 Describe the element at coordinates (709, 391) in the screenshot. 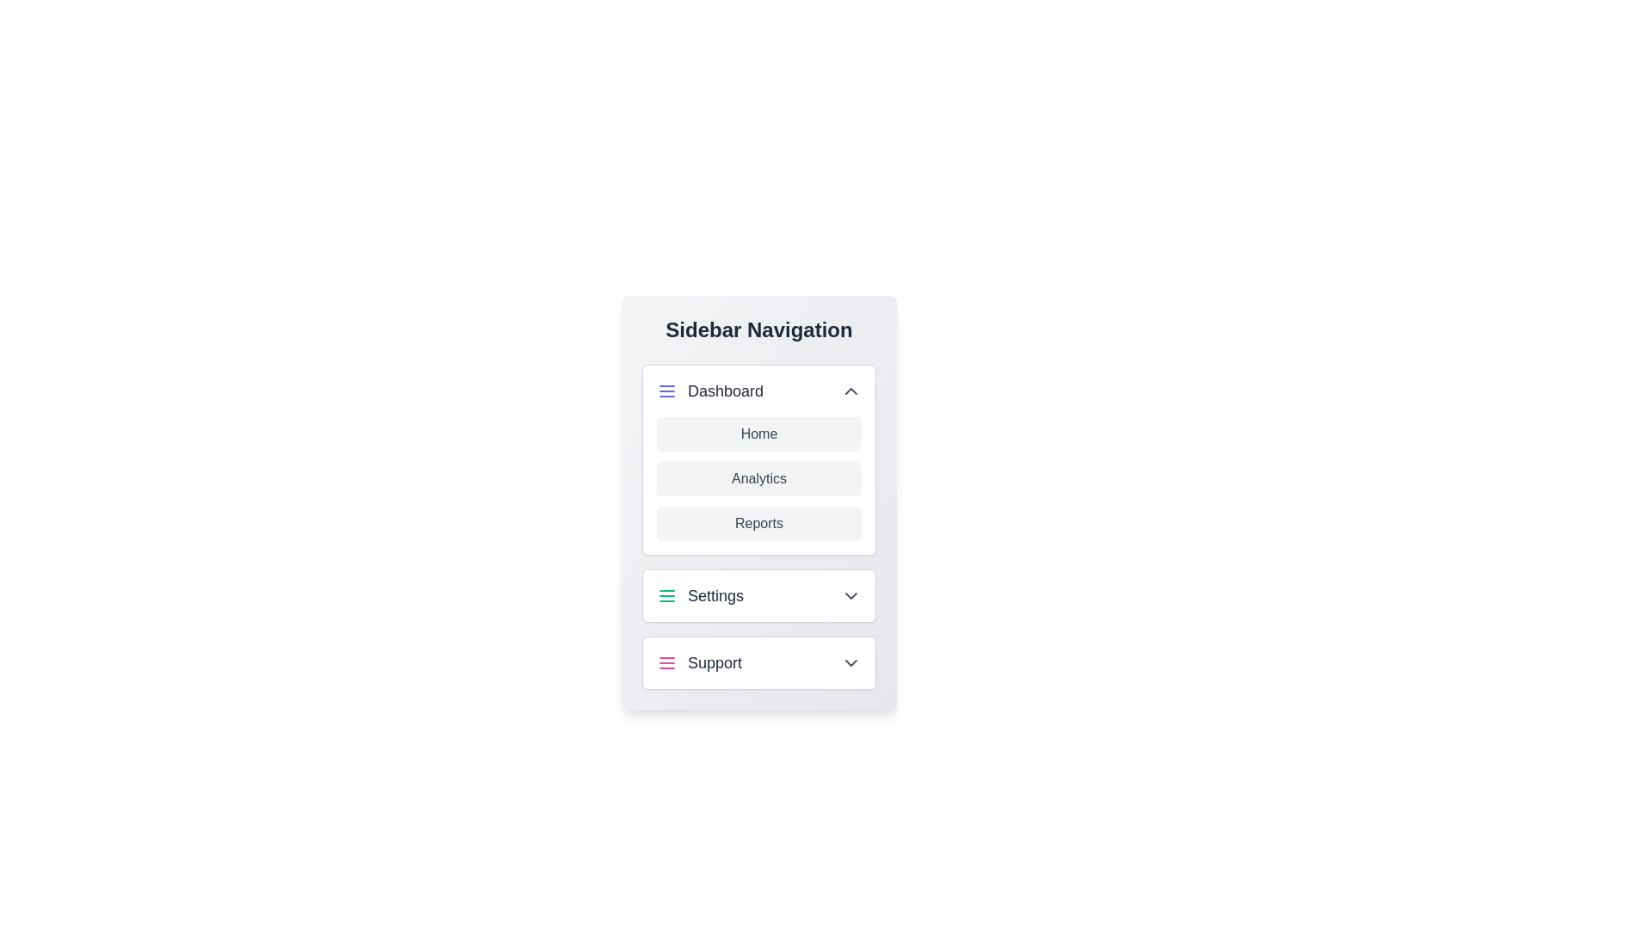

I see `the navigation button for the 'Dashboard' section located in the top section of the sidebar navigation menu` at that location.